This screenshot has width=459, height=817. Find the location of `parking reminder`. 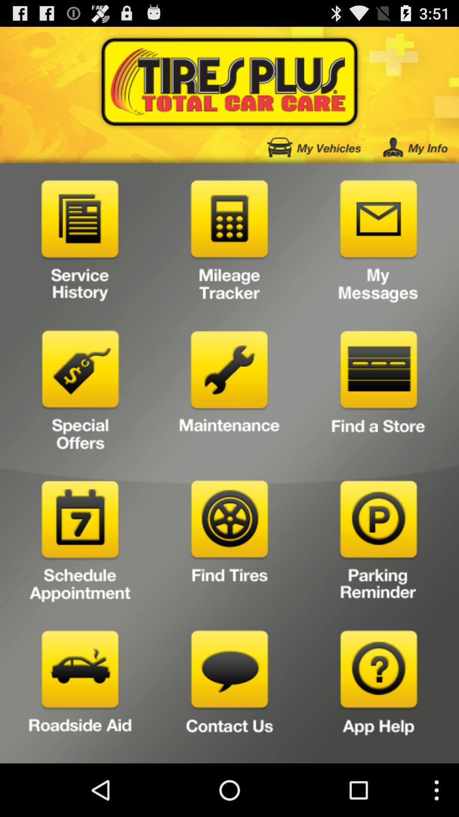

parking reminder is located at coordinates (378, 543).